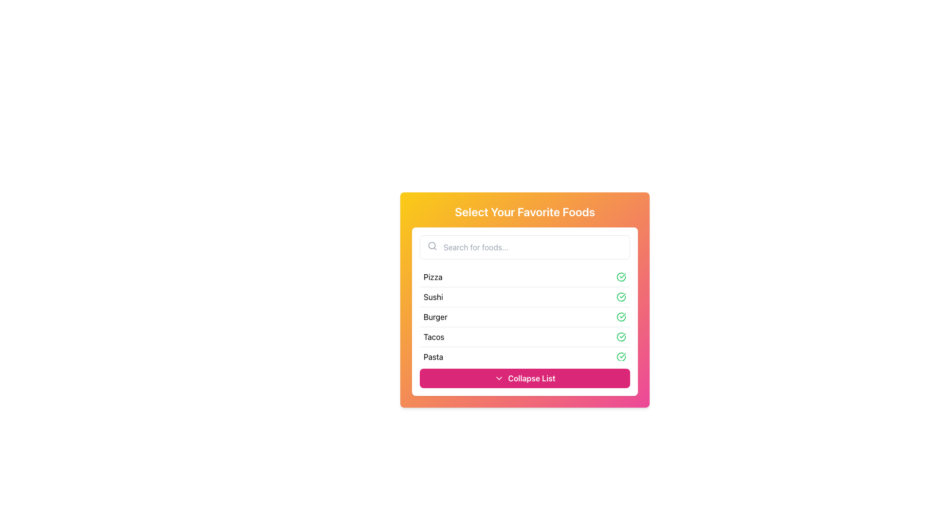 This screenshot has width=935, height=526. Describe the element at coordinates (524, 314) in the screenshot. I see `the list item labeled 'Burger', which is the third item in the vertical list within the panel titled 'Select Your Favorite Foods'` at that location.